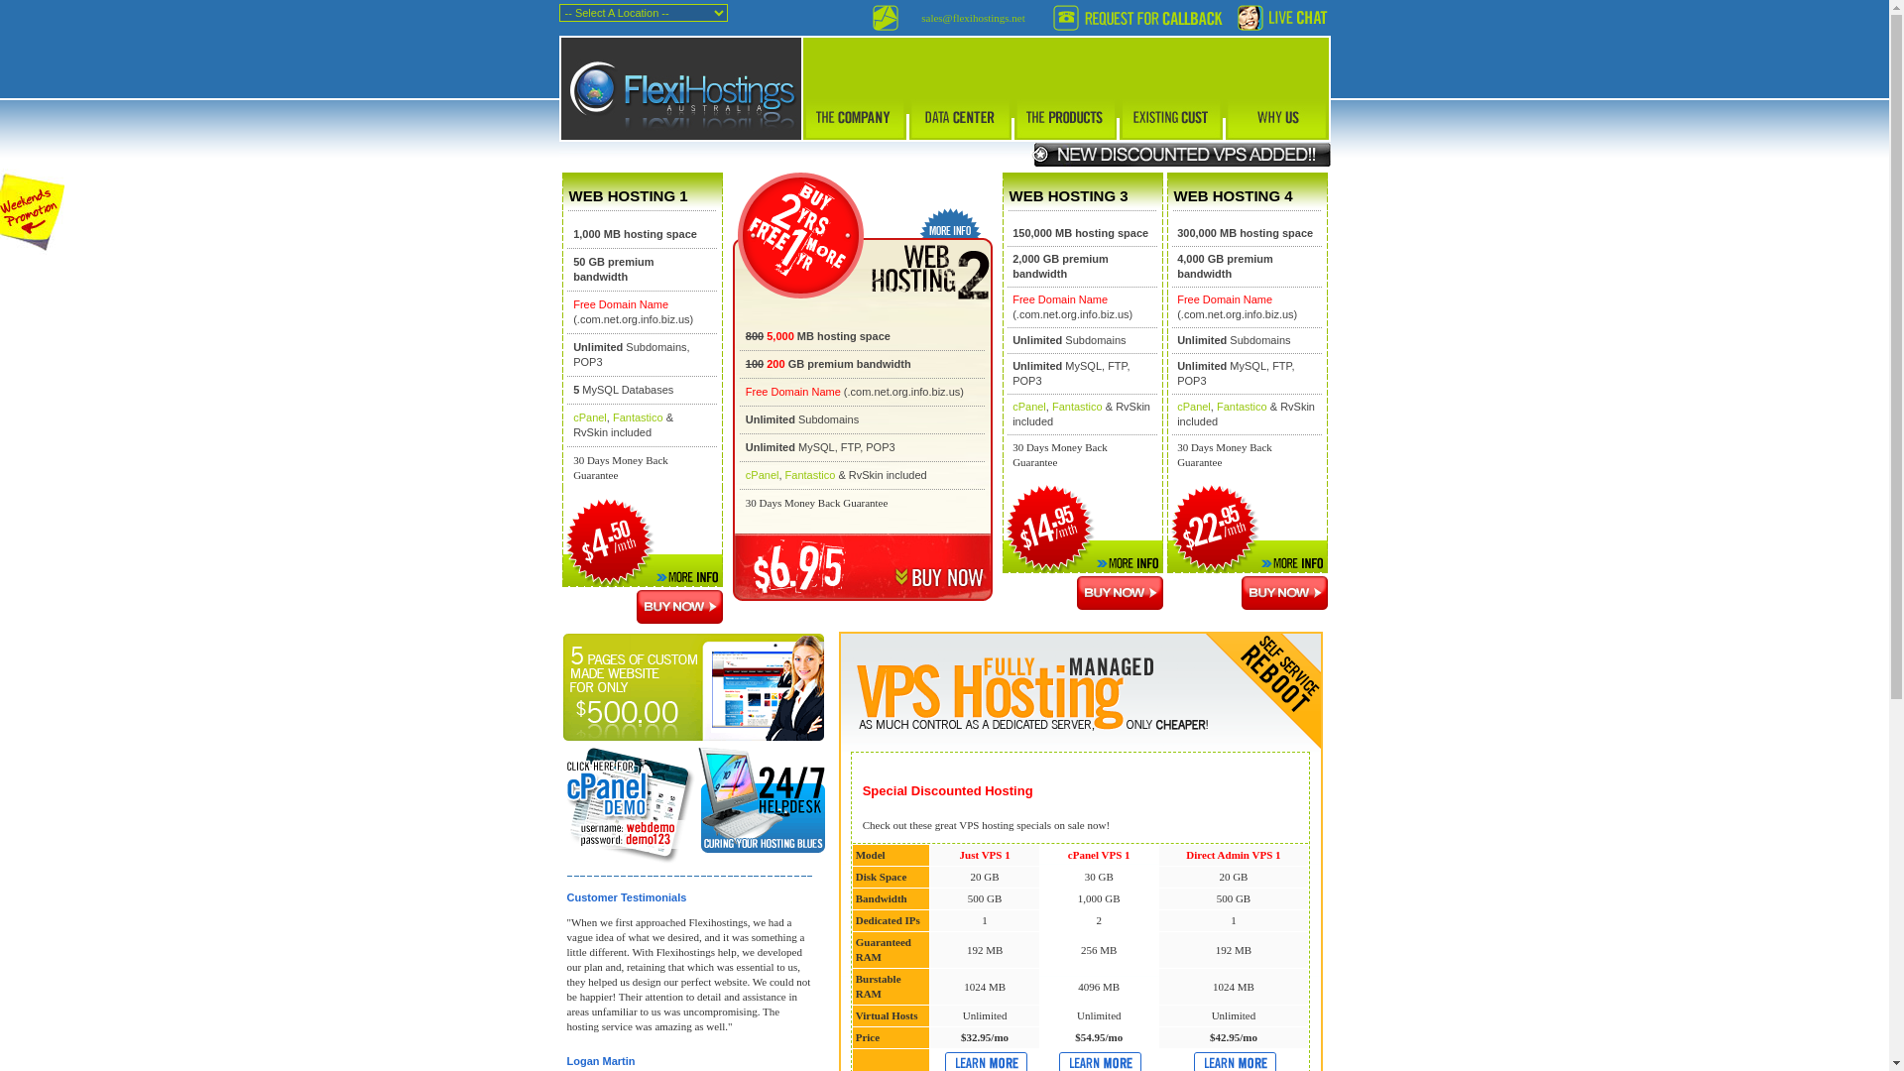 Image resolution: width=1904 pixels, height=1071 pixels. I want to click on 'cPanel', so click(1028, 405).